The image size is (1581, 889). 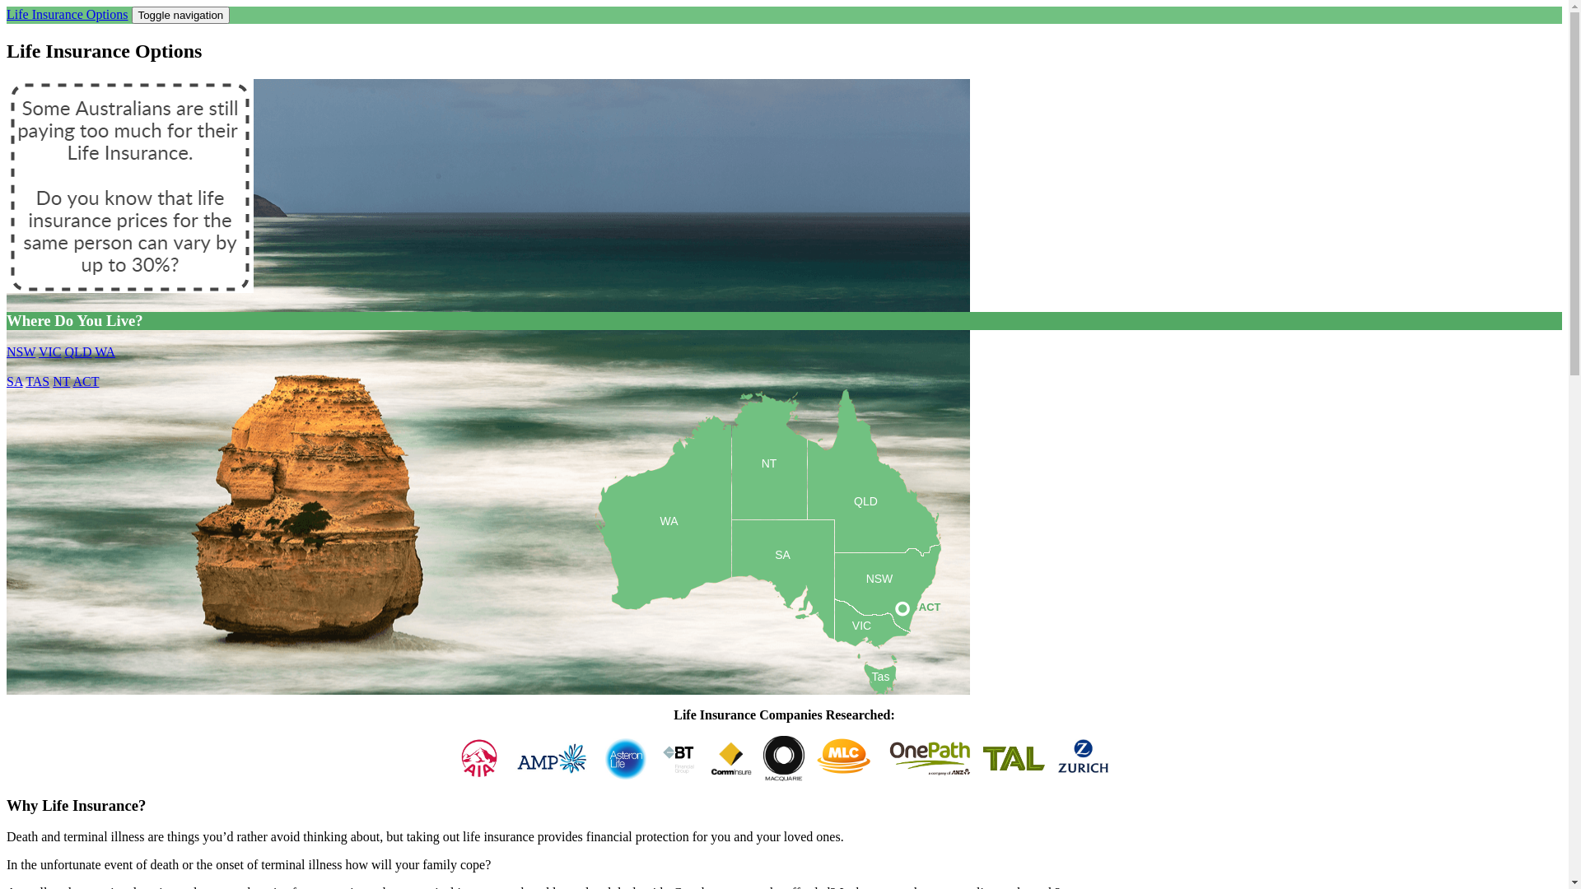 I want to click on 'QLD', so click(x=872, y=524).